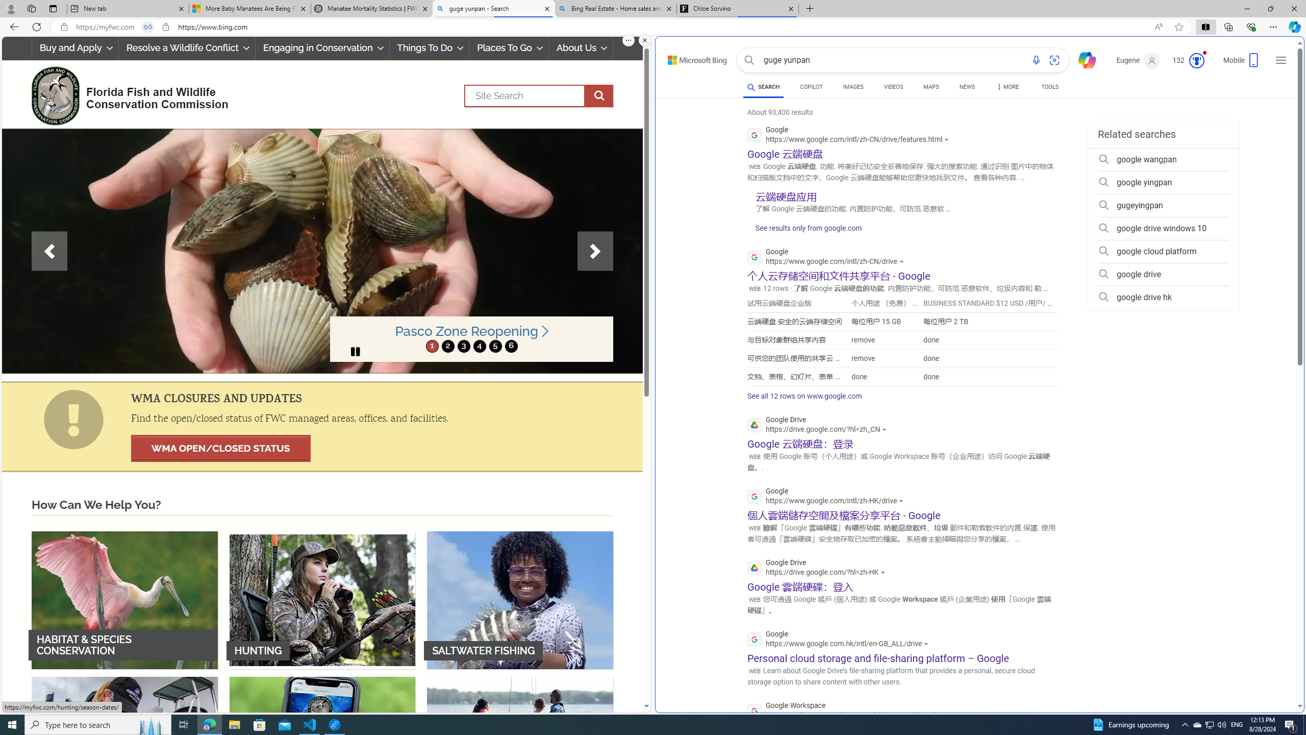  I want to click on 'Tab actions menu', so click(52, 8).